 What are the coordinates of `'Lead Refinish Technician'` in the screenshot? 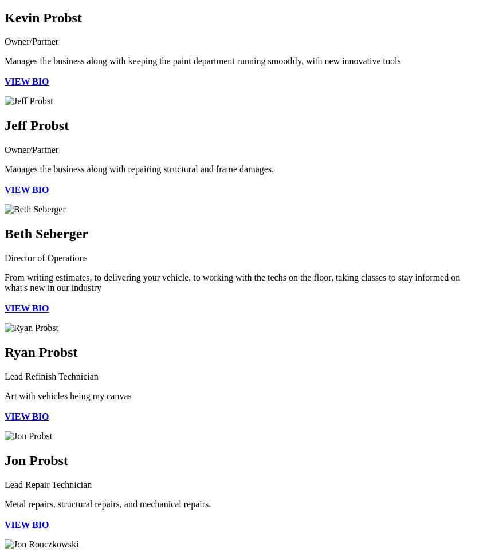 It's located at (3, 376).